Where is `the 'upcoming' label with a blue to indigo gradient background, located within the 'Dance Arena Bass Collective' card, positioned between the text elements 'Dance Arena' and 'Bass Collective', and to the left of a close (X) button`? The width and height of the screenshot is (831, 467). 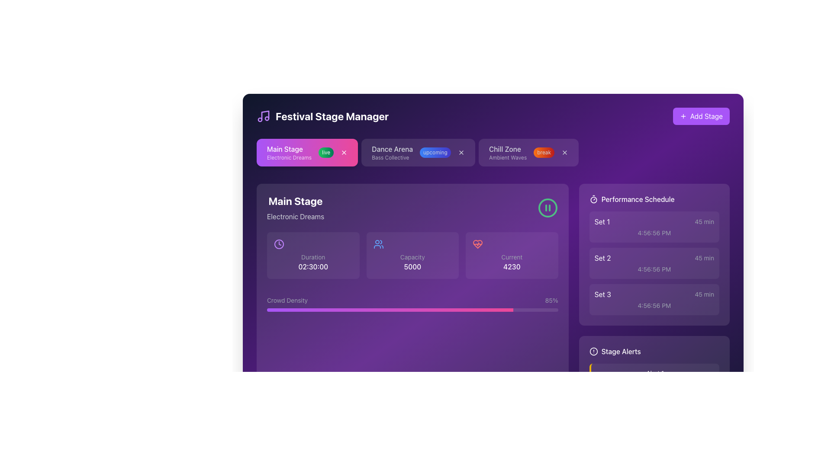
the 'upcoming' label with a blue to indigo gradient background, located within the 'Dance Arena Bass Collective' card, positioned between the text elements 'Dance Arena' and 'Bass Collective', and to the left of a close (X) button is located at coordinates (435, 152).